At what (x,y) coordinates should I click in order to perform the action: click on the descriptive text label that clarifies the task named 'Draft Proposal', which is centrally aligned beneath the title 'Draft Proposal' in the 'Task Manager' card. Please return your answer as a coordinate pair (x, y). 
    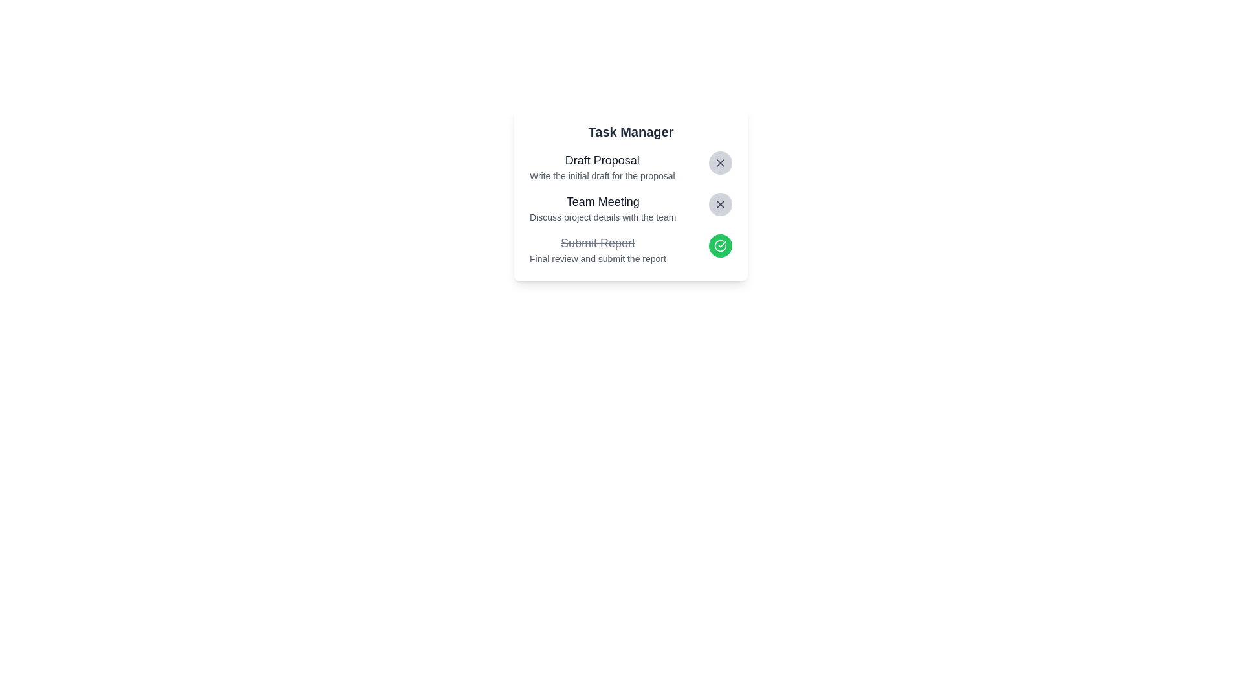
    Looking at the image, I should click on (602, 176).